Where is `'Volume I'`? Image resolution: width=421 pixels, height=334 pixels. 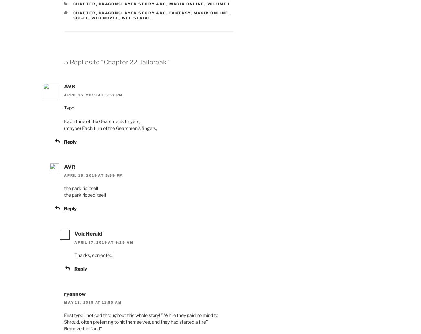
'Volume I' is located at coordinates (218, 4).